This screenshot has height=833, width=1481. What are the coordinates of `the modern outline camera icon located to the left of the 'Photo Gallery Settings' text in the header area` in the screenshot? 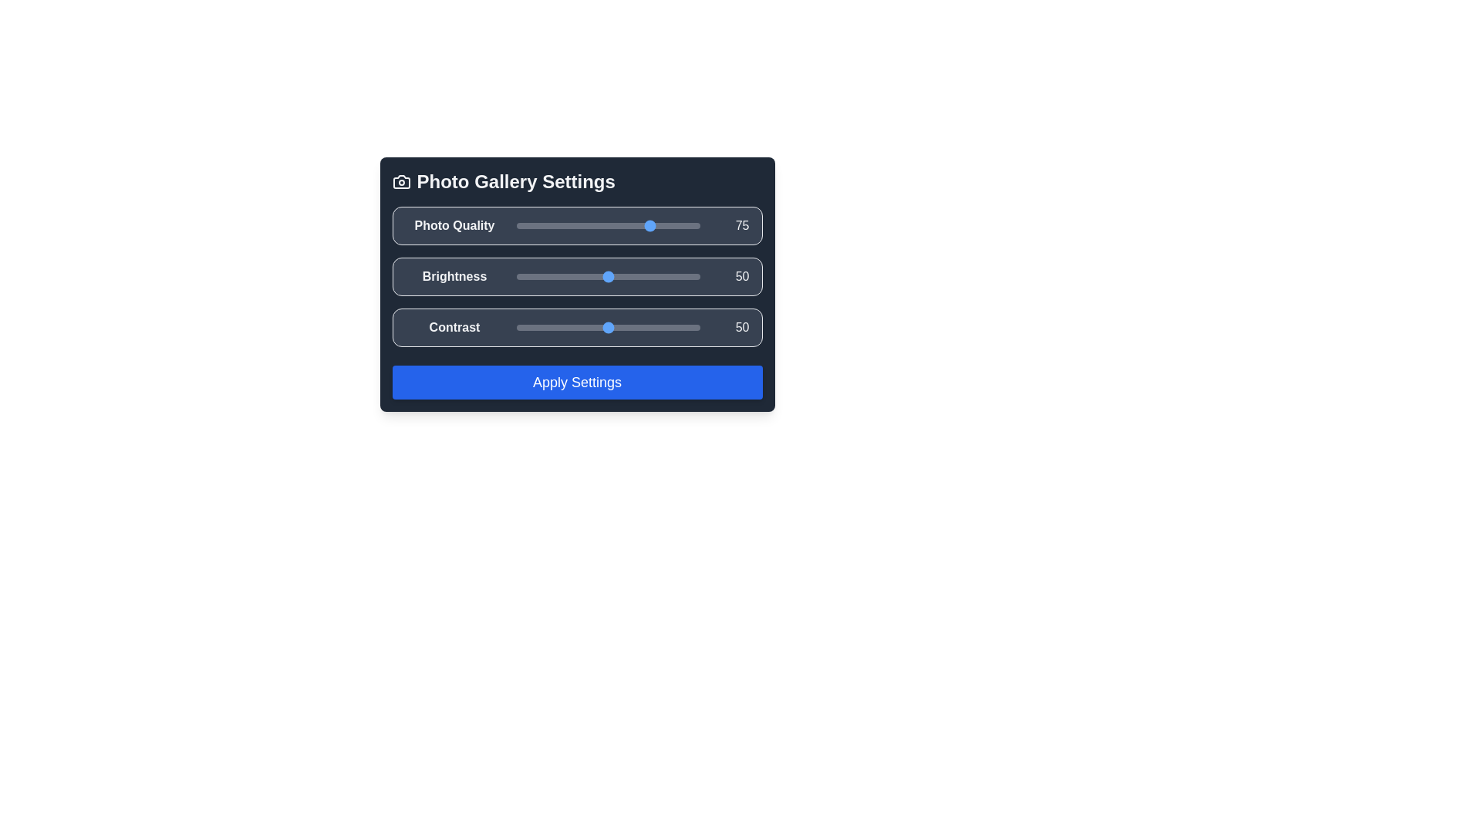 It's located at (401, 180).